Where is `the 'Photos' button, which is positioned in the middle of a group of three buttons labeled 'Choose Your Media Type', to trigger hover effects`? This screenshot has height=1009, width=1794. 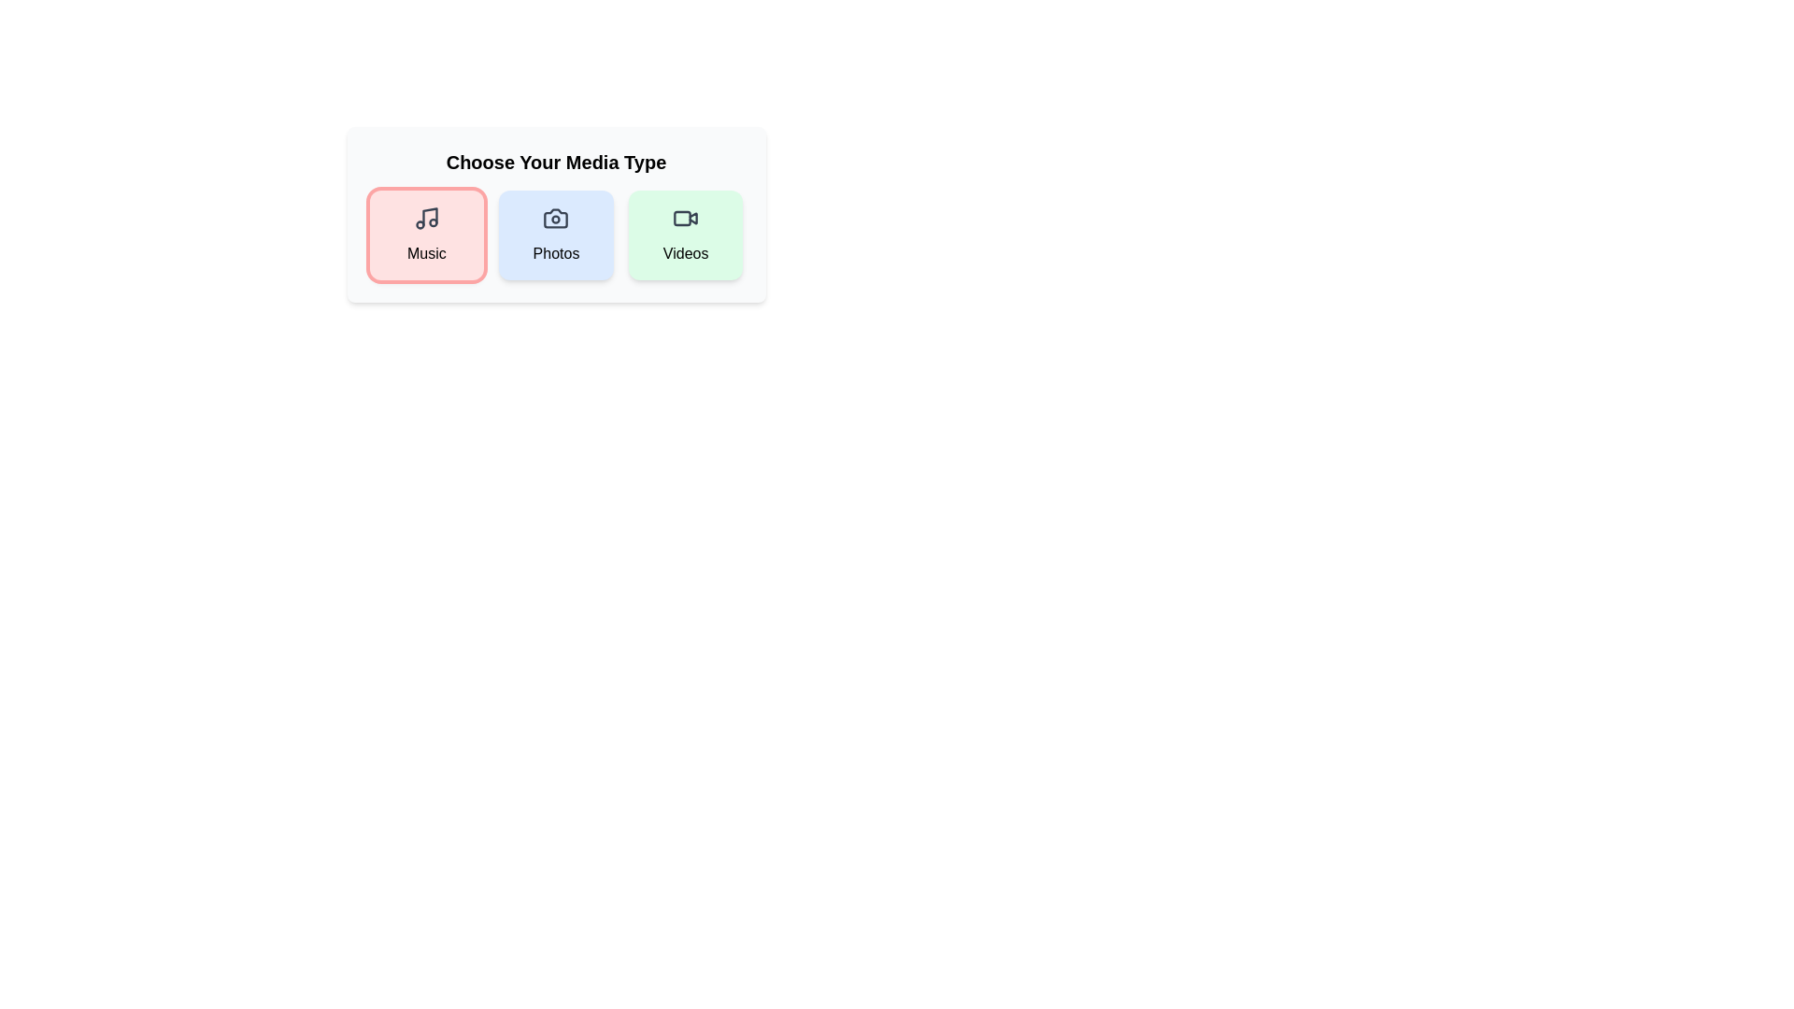
the 'Photos' button, which is positioned in the middle of a group of three buttons labeled 'Choose Your Media Type', to trigger hover effects is located at coordinates (555, 234).